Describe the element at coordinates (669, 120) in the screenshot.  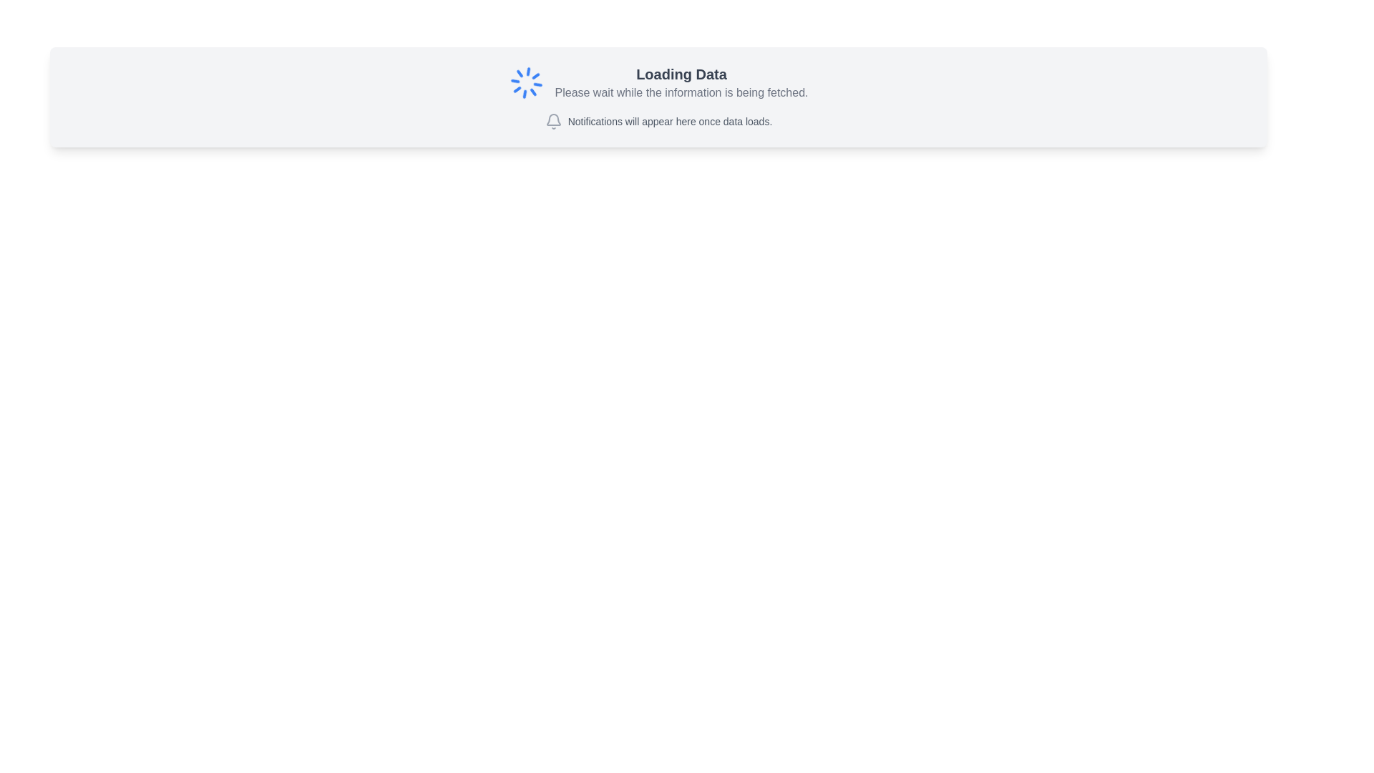
I see `the informational text that states 'Notifications will appear here once data loads.' which is subtly styled in gray and positioned to the right of a bell-shaped notification icon` at that location.